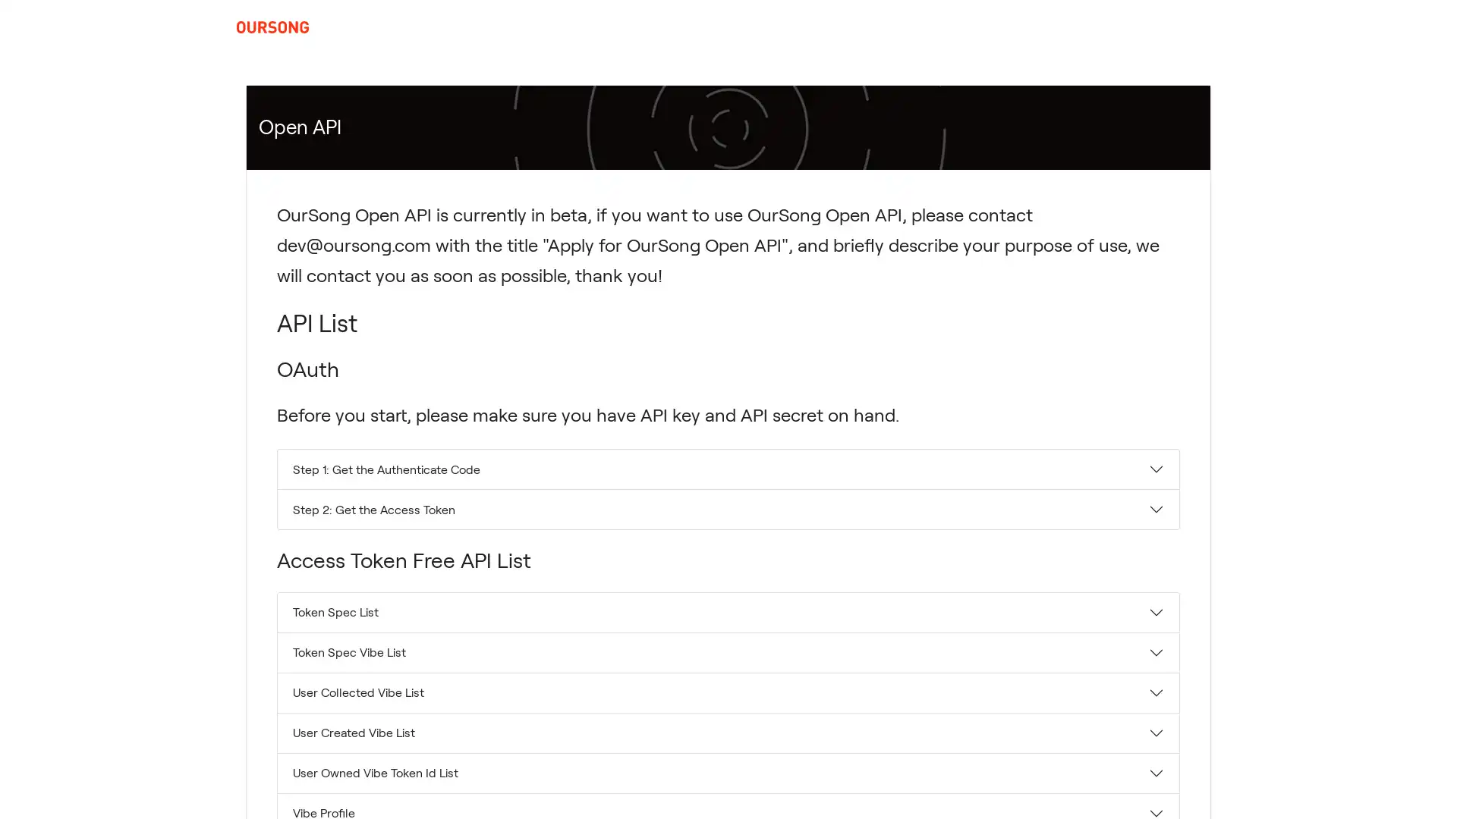 This screenshot has width=1457, height=819. What do you see at coordinates (728, 610) in the screenshot?
I see `Token Spec List` at bounding box center [728, 610].